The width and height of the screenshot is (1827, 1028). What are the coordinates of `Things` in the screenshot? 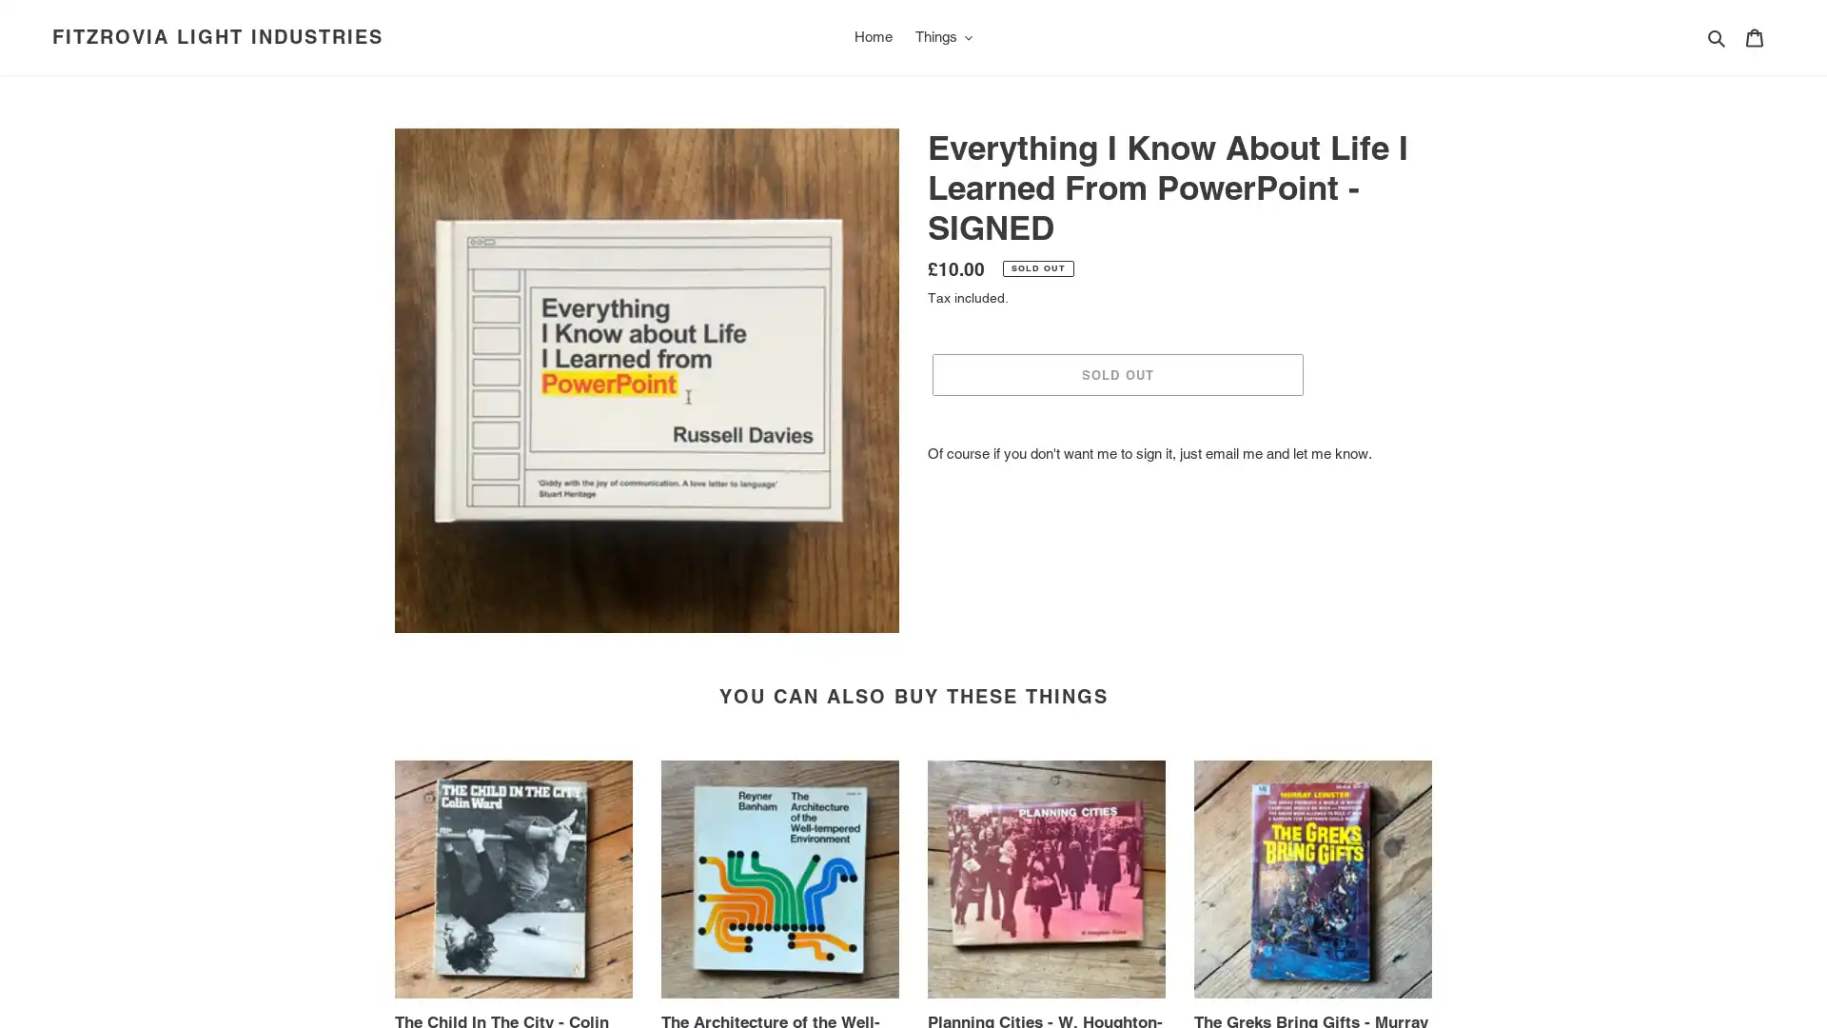 It's located at (943, 36).